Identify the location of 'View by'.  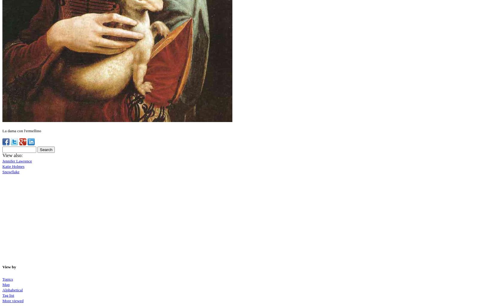
(9, 267).